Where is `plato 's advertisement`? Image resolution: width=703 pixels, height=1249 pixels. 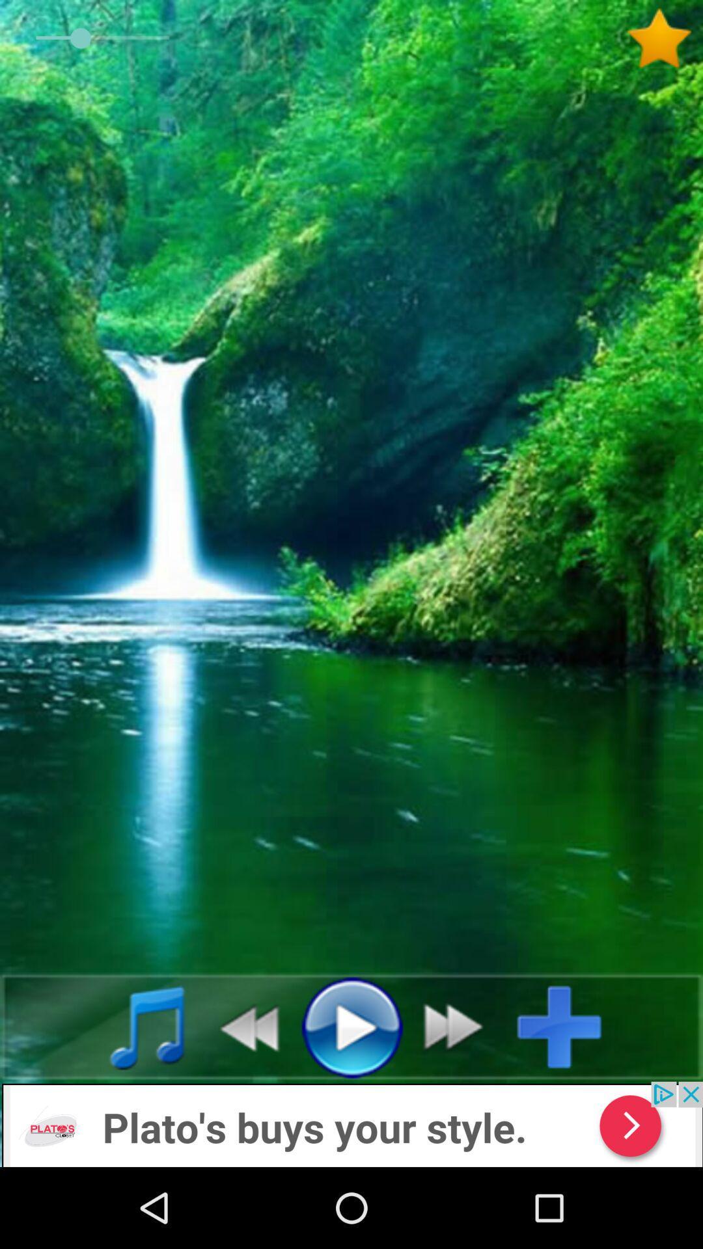
plato 's advertisement is located at coordinates (351, 1123).